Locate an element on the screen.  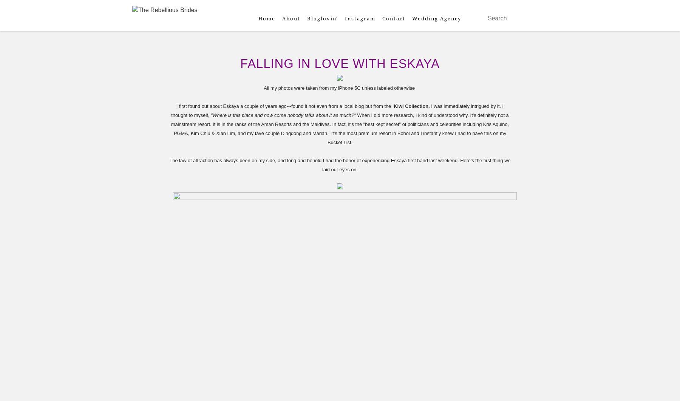
'Contact' is located at coordinates (394, 18).